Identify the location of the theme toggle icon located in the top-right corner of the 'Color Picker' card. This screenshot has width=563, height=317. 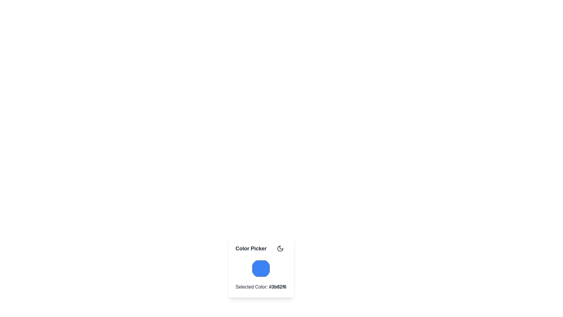
(280, 248).